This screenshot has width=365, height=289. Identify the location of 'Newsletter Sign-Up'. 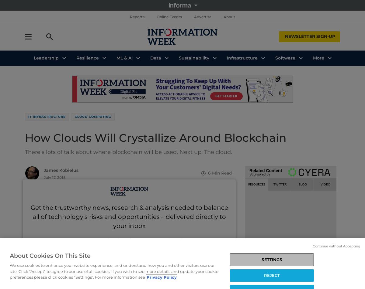
(310, 36).